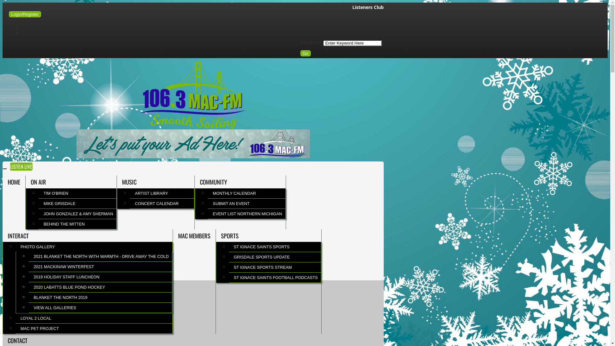 The image size is (615, 346). Describe the element at coordinates (77, 193) in the screenshot. I see `'TIM O'BRIEN'` at that location.